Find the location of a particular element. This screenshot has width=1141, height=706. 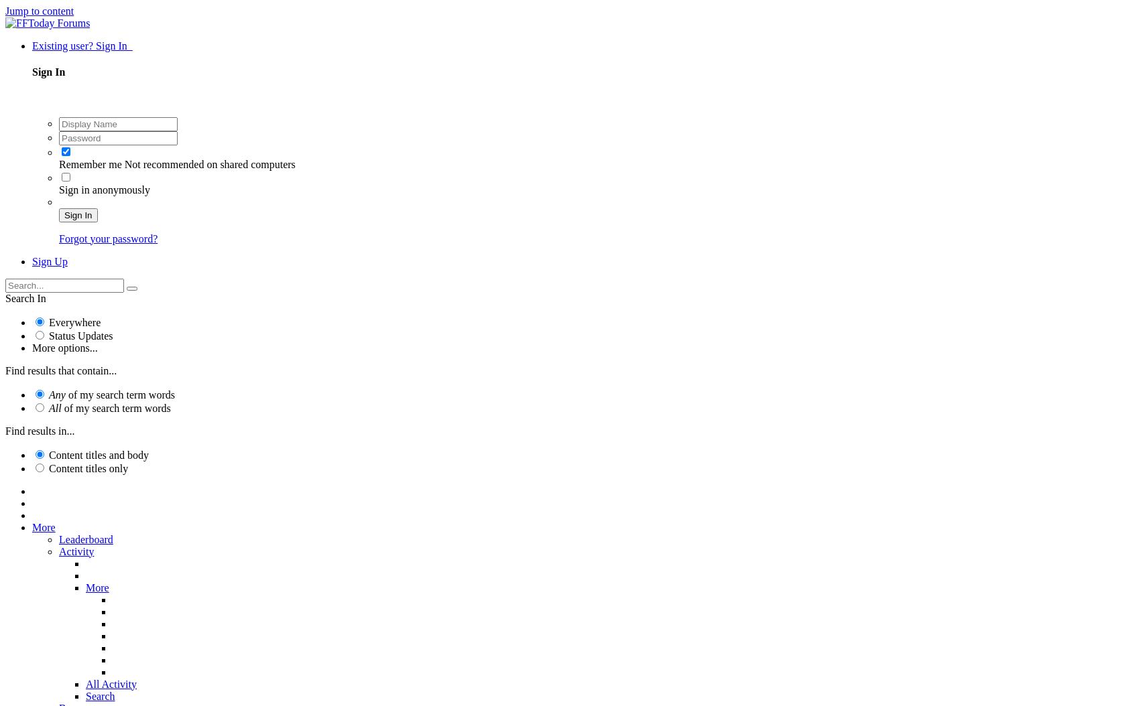

'More options...' is located at coordinates (64, 346).